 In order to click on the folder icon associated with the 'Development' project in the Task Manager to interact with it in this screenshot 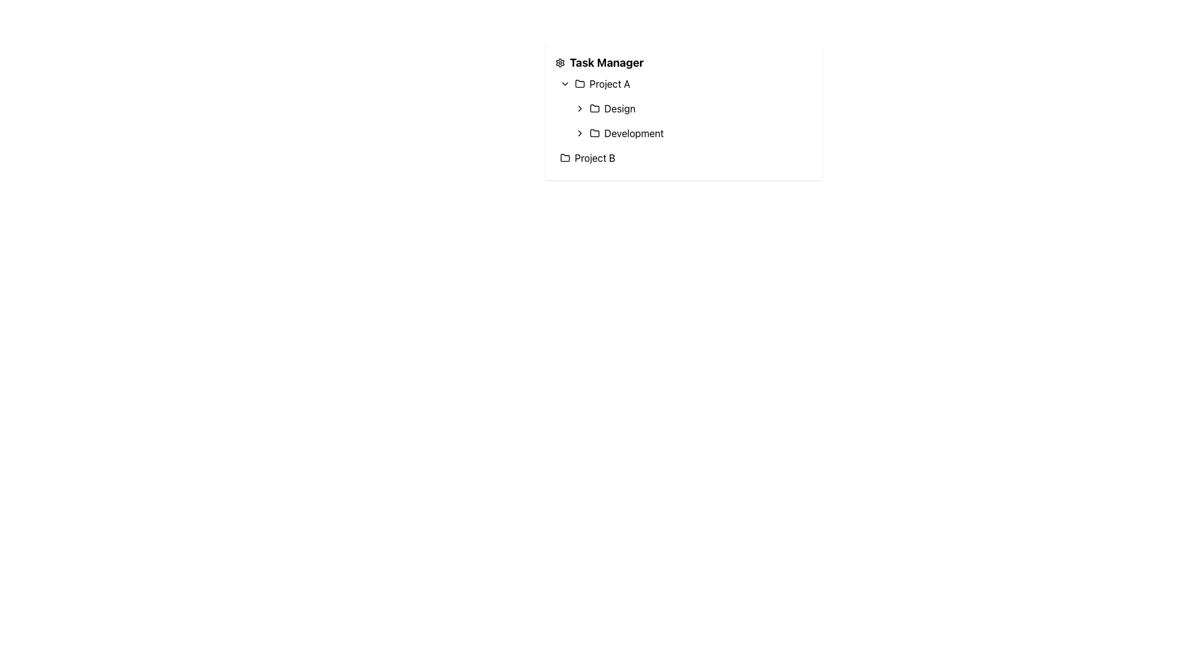, I will do `click(594, 133)`.